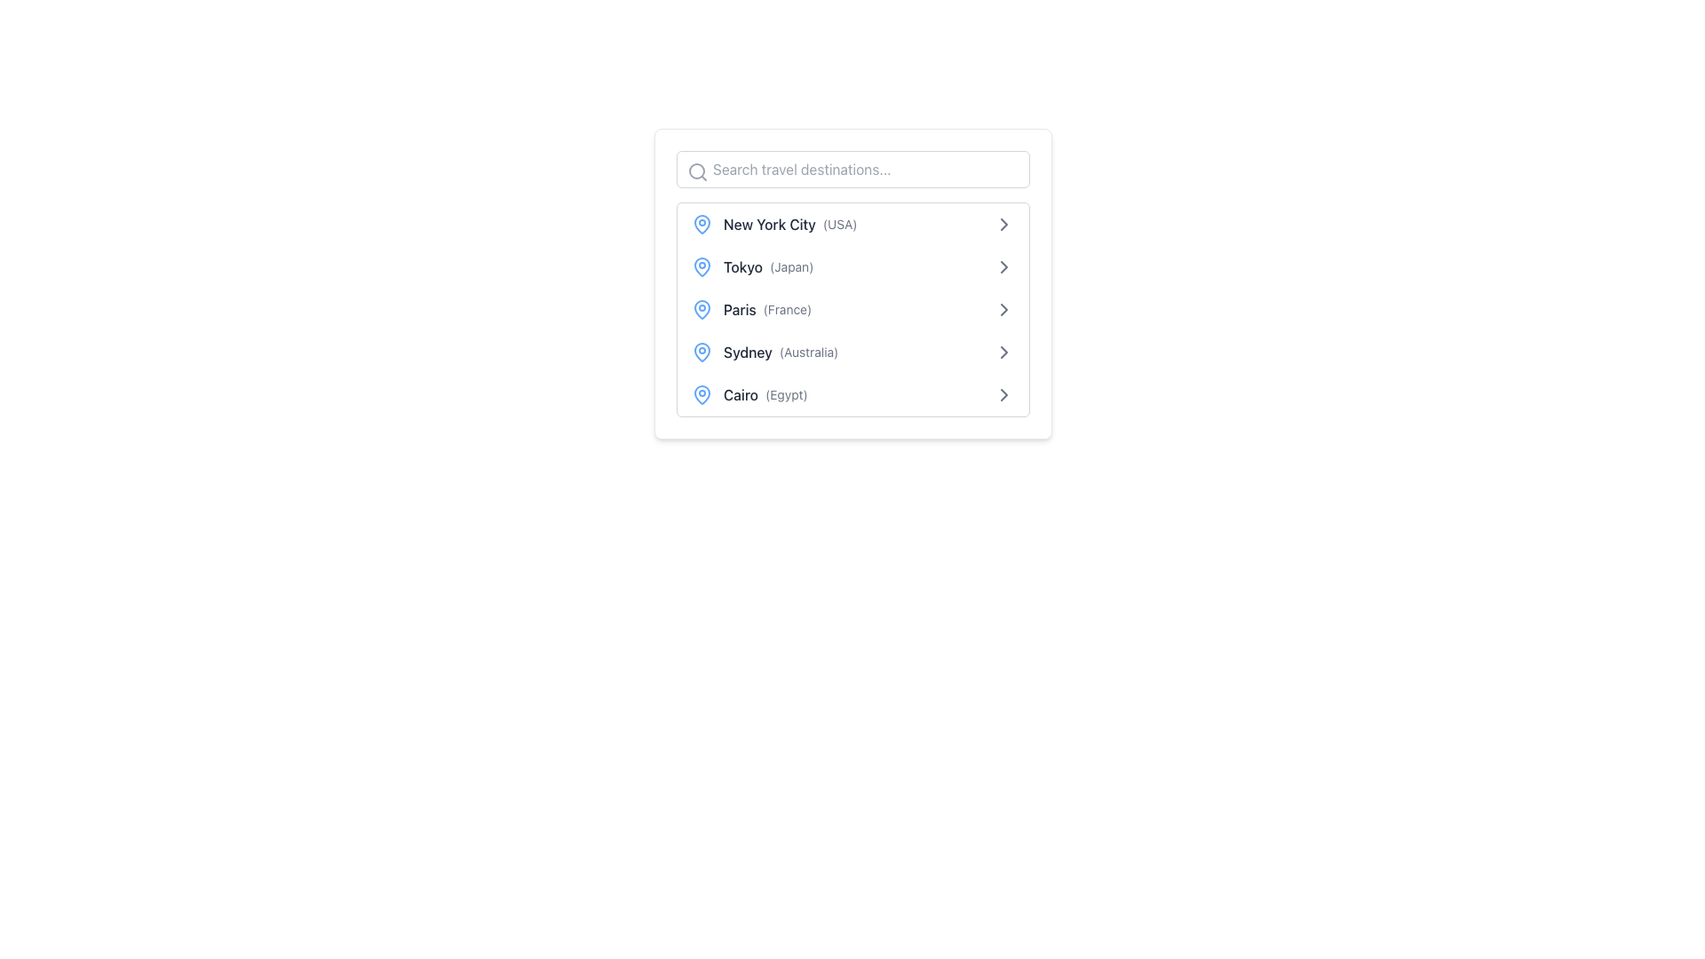 Image resolution: width=1705 pixels, height=959 pixels. I want to click on the first list item displaying 'New York City (USA)' with a map pin icon on the left and a right-facing arrow icon on the right, so click(852, 224).